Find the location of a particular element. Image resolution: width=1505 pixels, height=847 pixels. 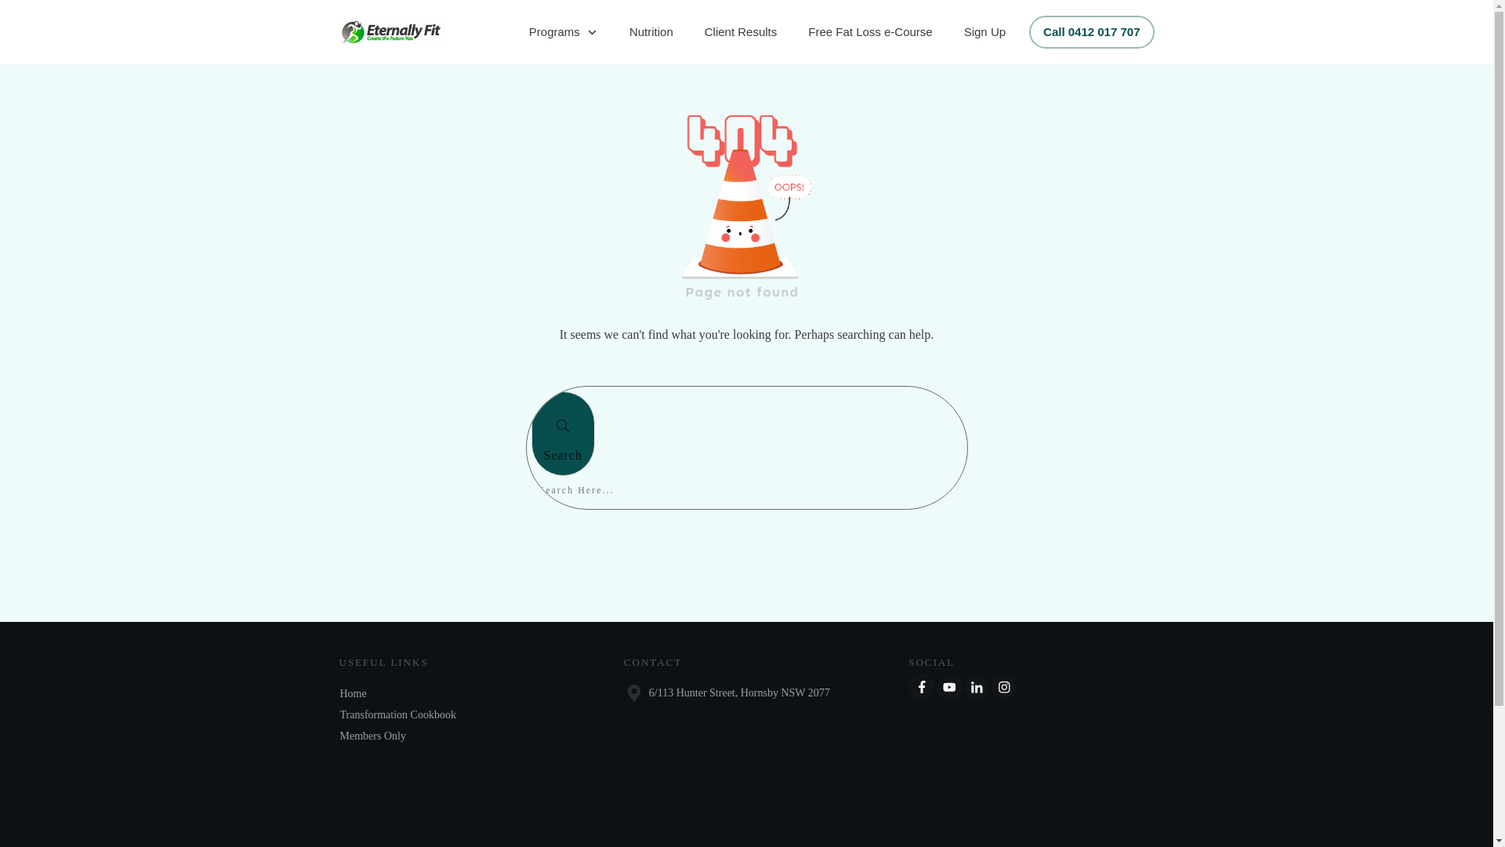

'Members Only' is located at coordinates (339, 736).